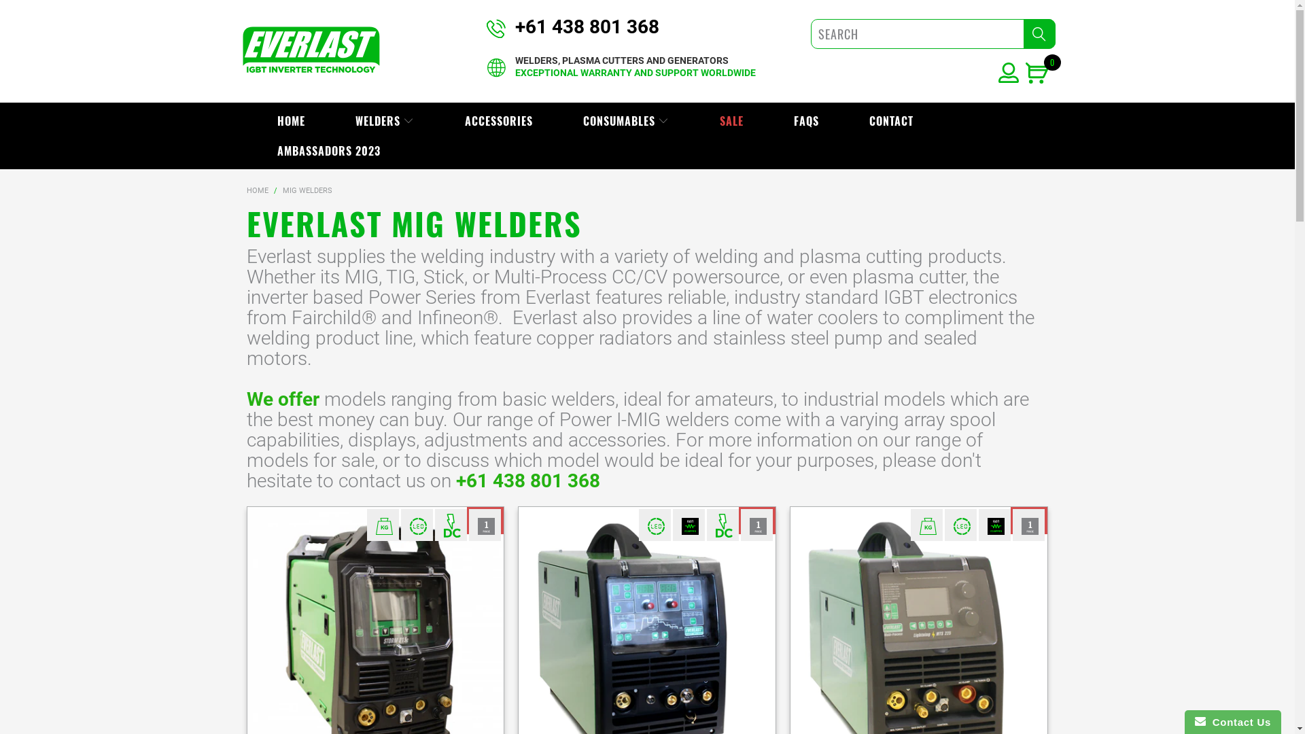 The height and width of the screenshot is (734, 1305). I want to click on 'FAQS', so click(806, 120).